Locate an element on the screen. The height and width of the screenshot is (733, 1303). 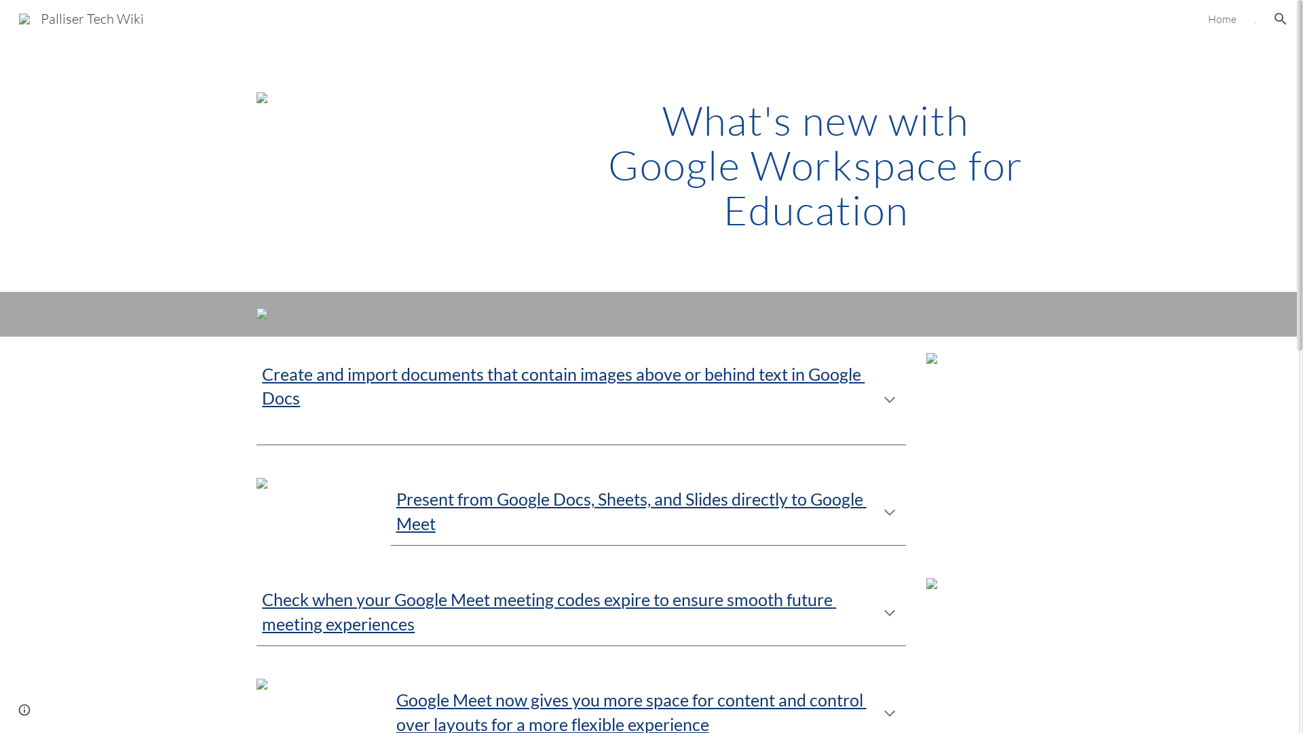
'Palliser Tech Wiki' is located at coordinates (81, 17).